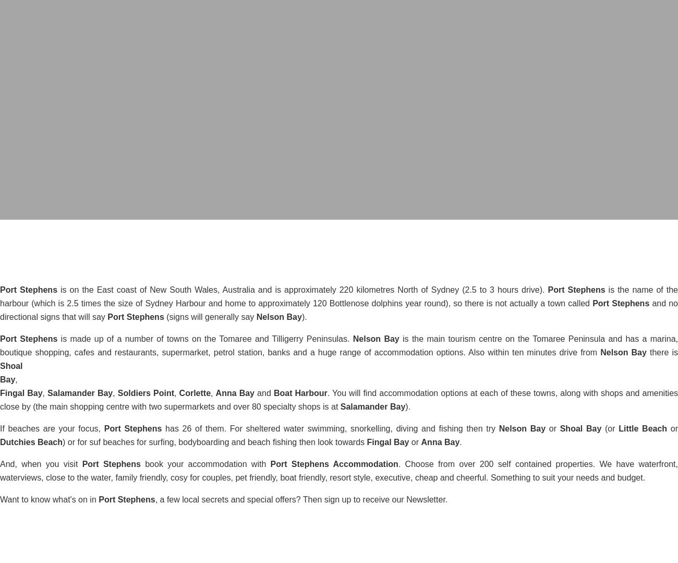 Image resolution: width=678 pixels, height=563 pixels. I want to click on 'CHECK AVAILABILITY', so click(360, 142).